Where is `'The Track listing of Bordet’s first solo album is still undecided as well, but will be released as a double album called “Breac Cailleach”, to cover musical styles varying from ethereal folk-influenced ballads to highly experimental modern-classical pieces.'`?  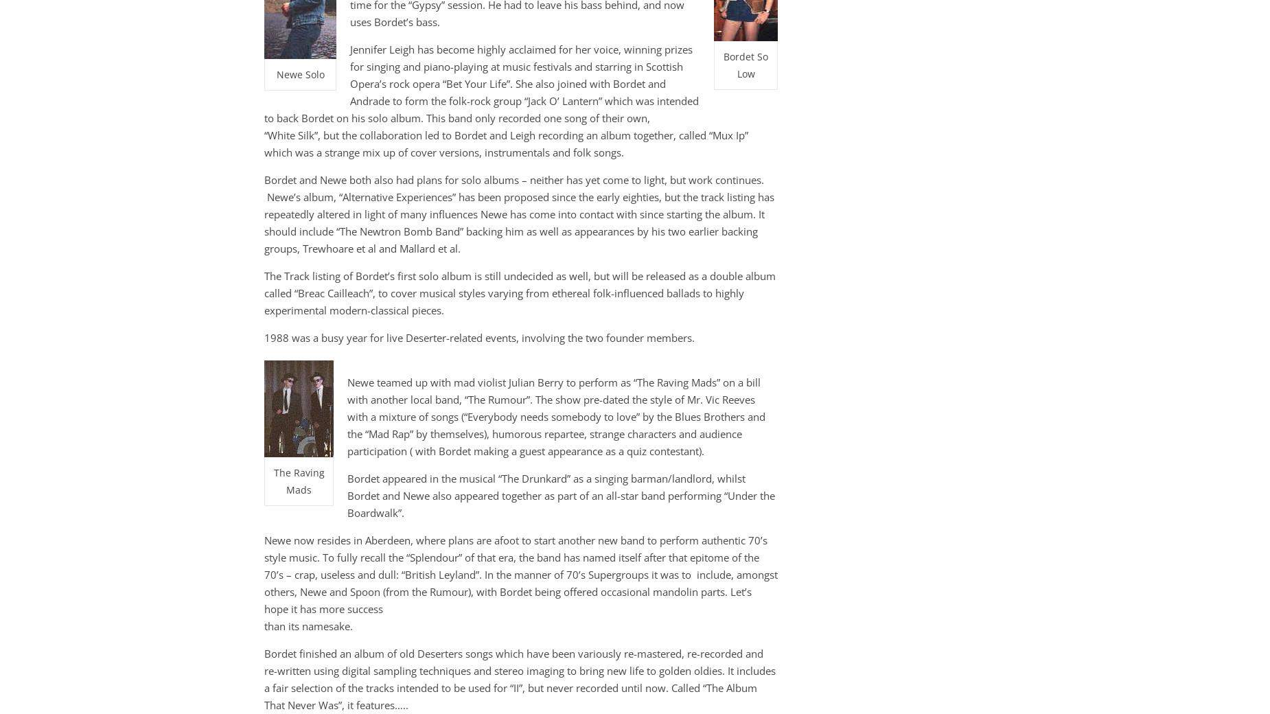
'The Track listing of Bordet’s first solo album is still undecided as well, but will be released as a double album called “Breac Cailleach”, to cover musical styles varying from ethereal folk-influenced ballads to highly experimental modern-classical pieces.' is located at coordinates (520, 293).